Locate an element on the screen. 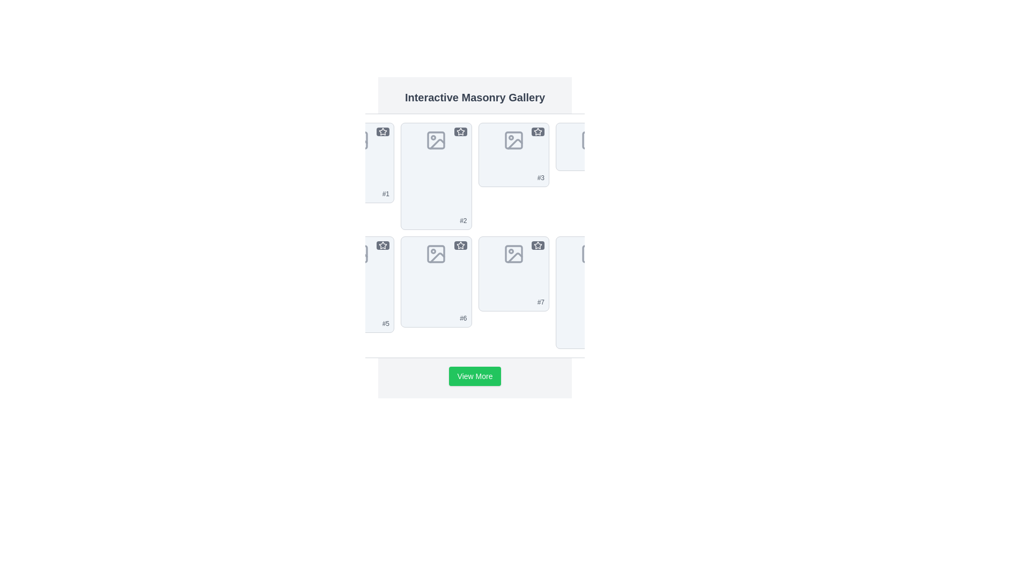 The height and width of the screenshot is (579, 1030). Rectangle with rounded corners that represents a missing or loading image in the gallery, located in the top-right corner of the grid's first row is located at coordinates (591, 140).